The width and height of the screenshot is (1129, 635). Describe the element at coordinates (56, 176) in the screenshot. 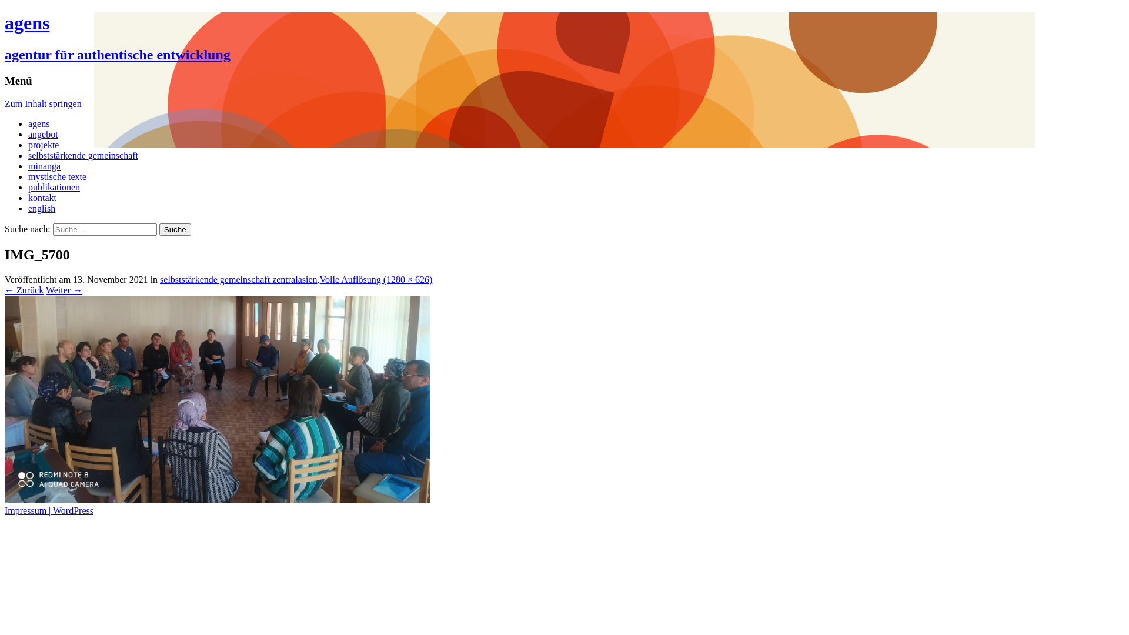

I see `'mystische texte'` at that location.